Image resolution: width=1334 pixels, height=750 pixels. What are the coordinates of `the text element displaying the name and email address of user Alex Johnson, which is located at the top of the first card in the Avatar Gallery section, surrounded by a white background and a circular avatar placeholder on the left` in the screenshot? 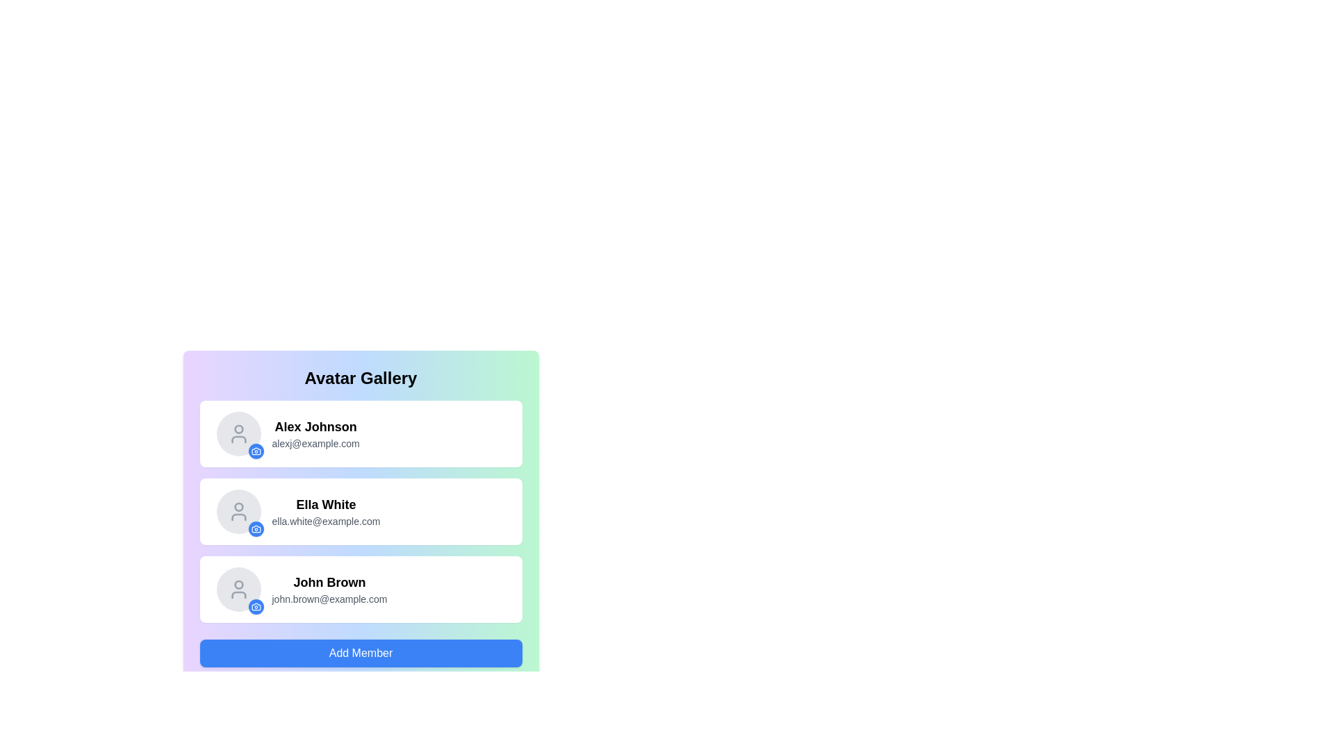 It's located at (315, 433).